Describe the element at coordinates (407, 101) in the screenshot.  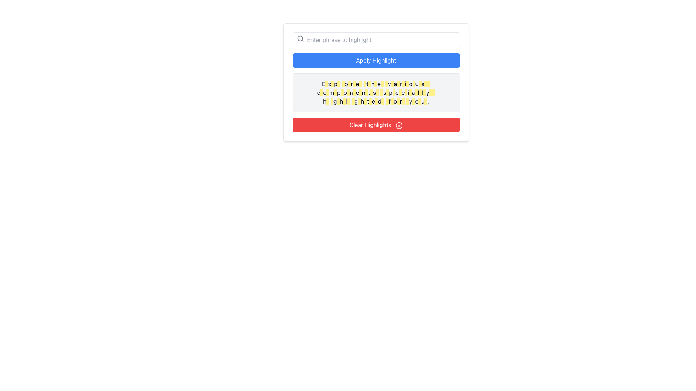
I see `the highlight element that appears as a small rectangular shape with a light yellow background and dark yellow text, located within the sentence 'Explore the various components specially highlighted for you.'` at that location.